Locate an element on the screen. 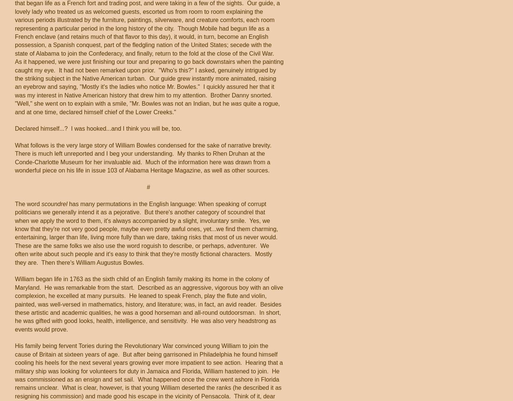 The image size is (513, 401). 'William began life in 1763 as the sixth child of an English family making its home in the colony of Maryland.  He was remarkable from the start.  Described as an aggressive, vigorous boy with an olive complexion, he excelled at many pursuits.  He leaned to speak French, play the flute and violin, painted, was well-versed in mathematics, history, and literature; was, in fact, an avid reader.  Besides these artistic and academic qualities, he was a good horseman and all-round outdoorsman.  In short, he was gifted with good looks, health, intelligence, and sensitivity.  He was also very headstrong as events would prove.' is located at coordinates (149, 304).